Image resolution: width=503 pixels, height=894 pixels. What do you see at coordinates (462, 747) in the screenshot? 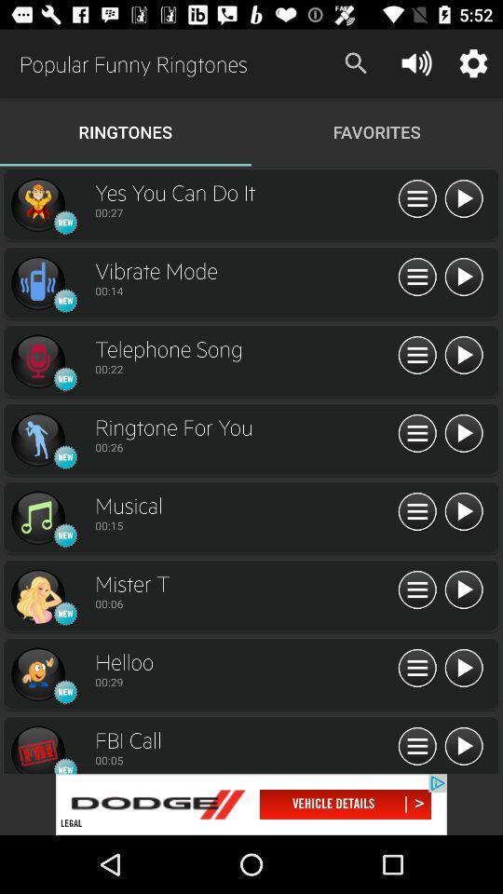
I see `ringtone` at bounding box center [462, 747].